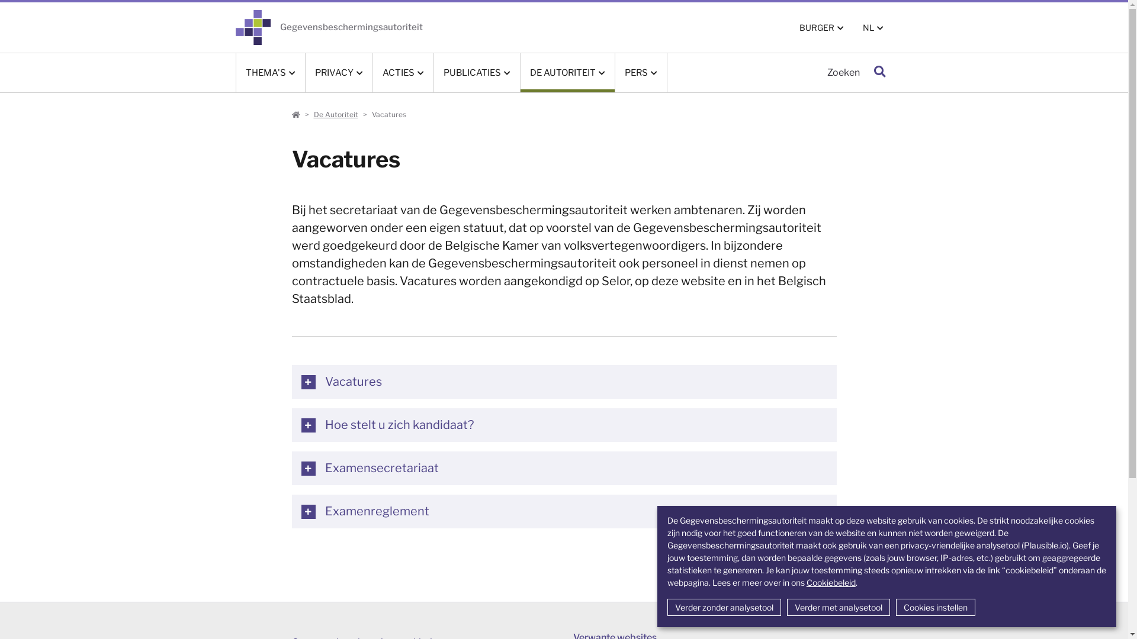  Describe the element at coordinates (724, 607) in the screenshot. I see `'Verder zonder analysetool'` at that location.